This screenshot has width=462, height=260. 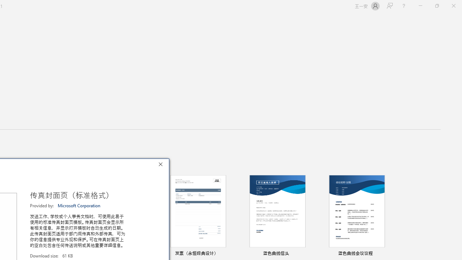 What do you see at coordinates (388, 253) in the screenshot?
I see `'Pin to list'` at bounding box center [388, 253].